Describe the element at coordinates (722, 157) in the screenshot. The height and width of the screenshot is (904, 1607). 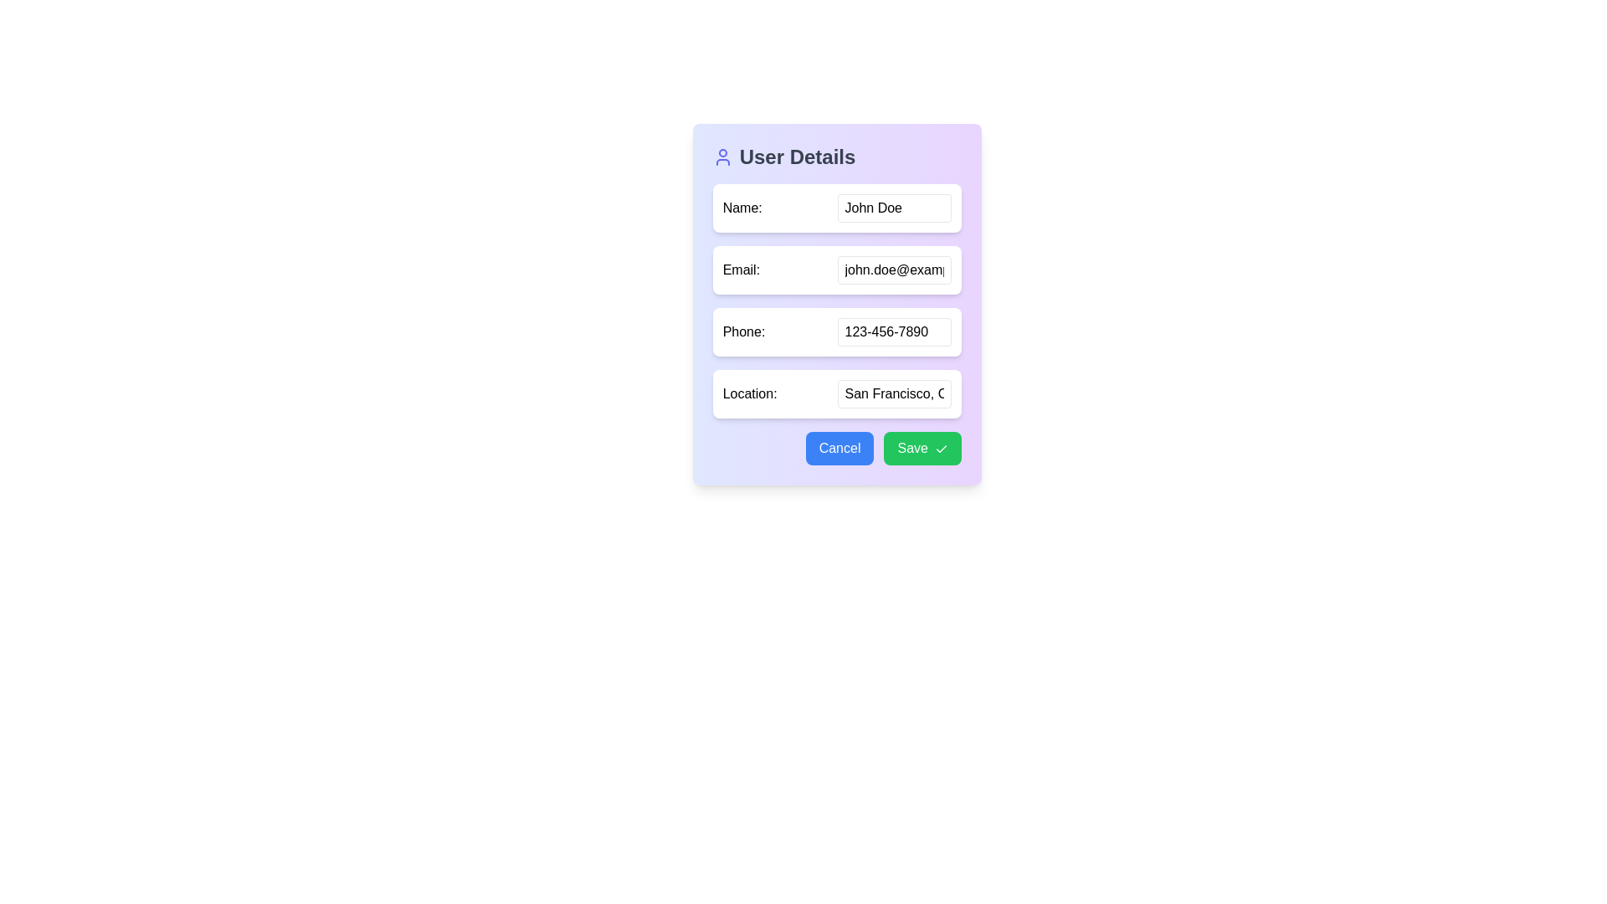
I see `the user details icon located in the header section, directly to the left of the 'User Details' title` at that location.